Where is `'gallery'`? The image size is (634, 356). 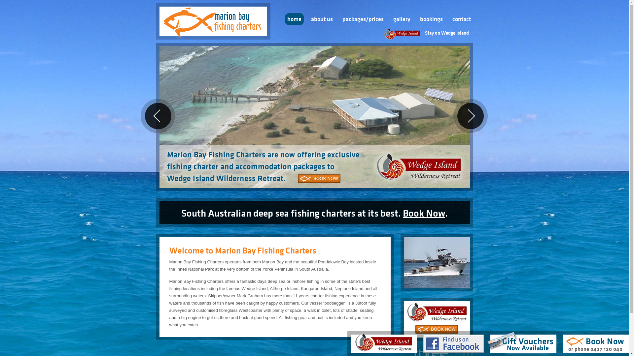 'gallery' is located at coordinates (402, 18).